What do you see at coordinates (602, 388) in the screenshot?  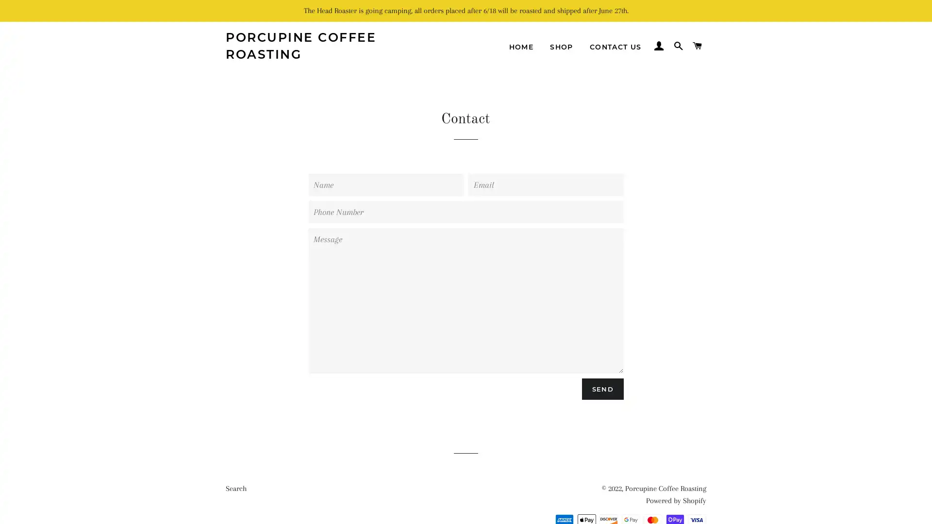 I see `Send` at bounding box center [602, 388].